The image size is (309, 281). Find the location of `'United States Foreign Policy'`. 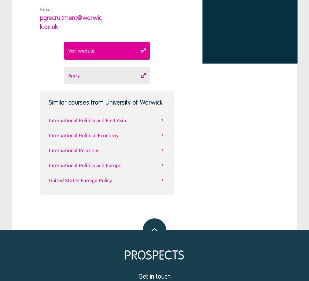

'United States Foreign Policy' is located at coordinates (79, 180).